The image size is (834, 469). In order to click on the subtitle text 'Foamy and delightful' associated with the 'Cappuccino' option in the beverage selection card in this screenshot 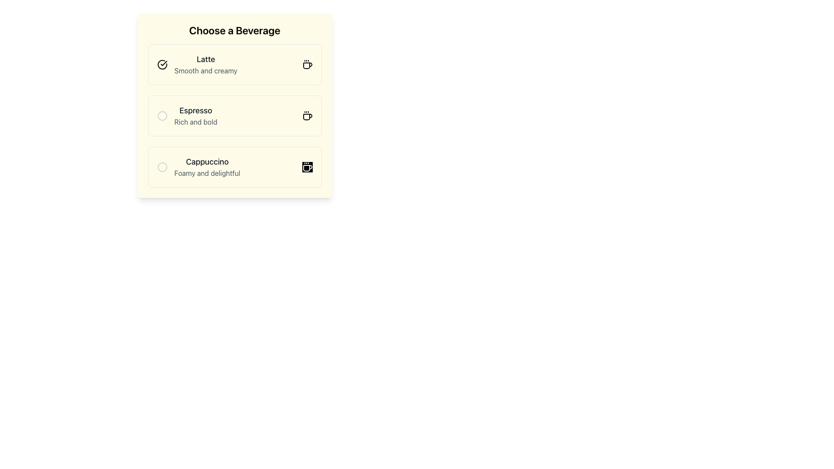, I will do `click(207, 173)`.